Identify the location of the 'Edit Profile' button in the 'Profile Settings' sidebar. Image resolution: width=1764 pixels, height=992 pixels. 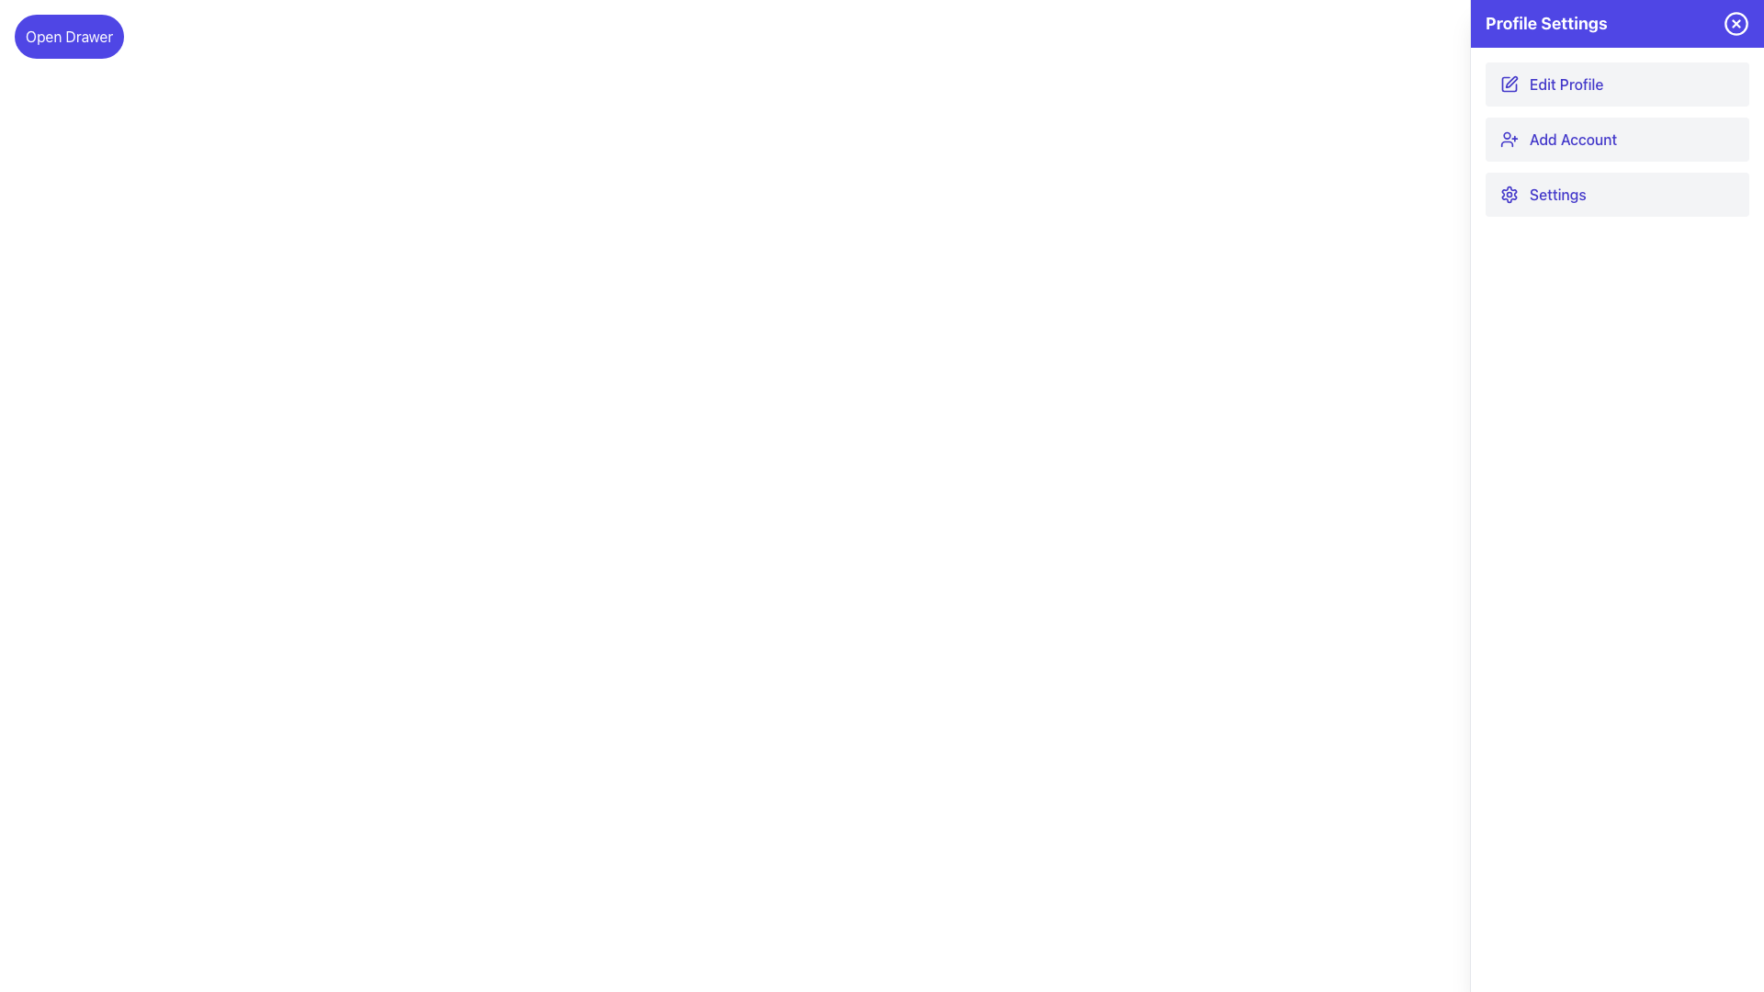
(1617, 85).